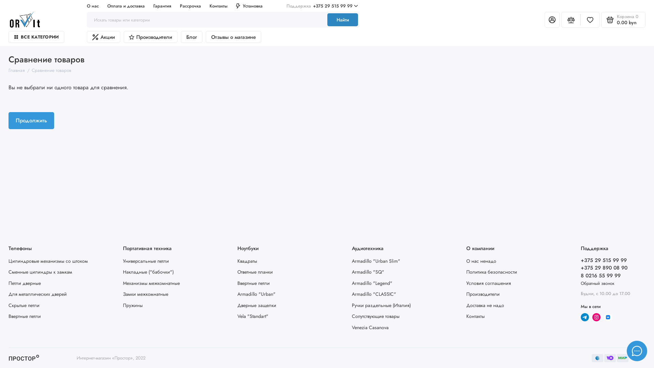  Describe the element at coordinates (252, 316) in the screenshot. I see `'Vela "Standart"'` at that location.